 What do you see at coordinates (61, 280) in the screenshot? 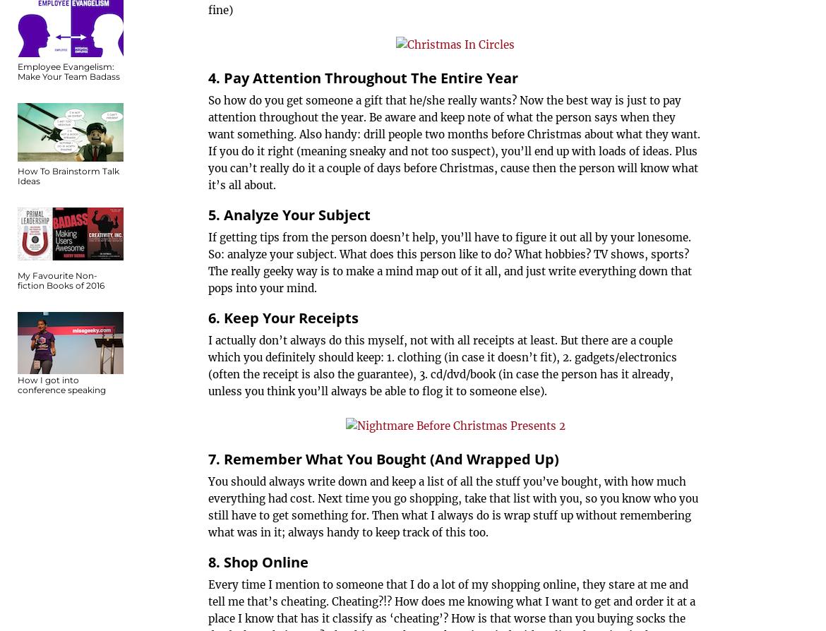
I see `'My Favourite Non-fiction Books of 2016'` at bounding box center [61, 280].